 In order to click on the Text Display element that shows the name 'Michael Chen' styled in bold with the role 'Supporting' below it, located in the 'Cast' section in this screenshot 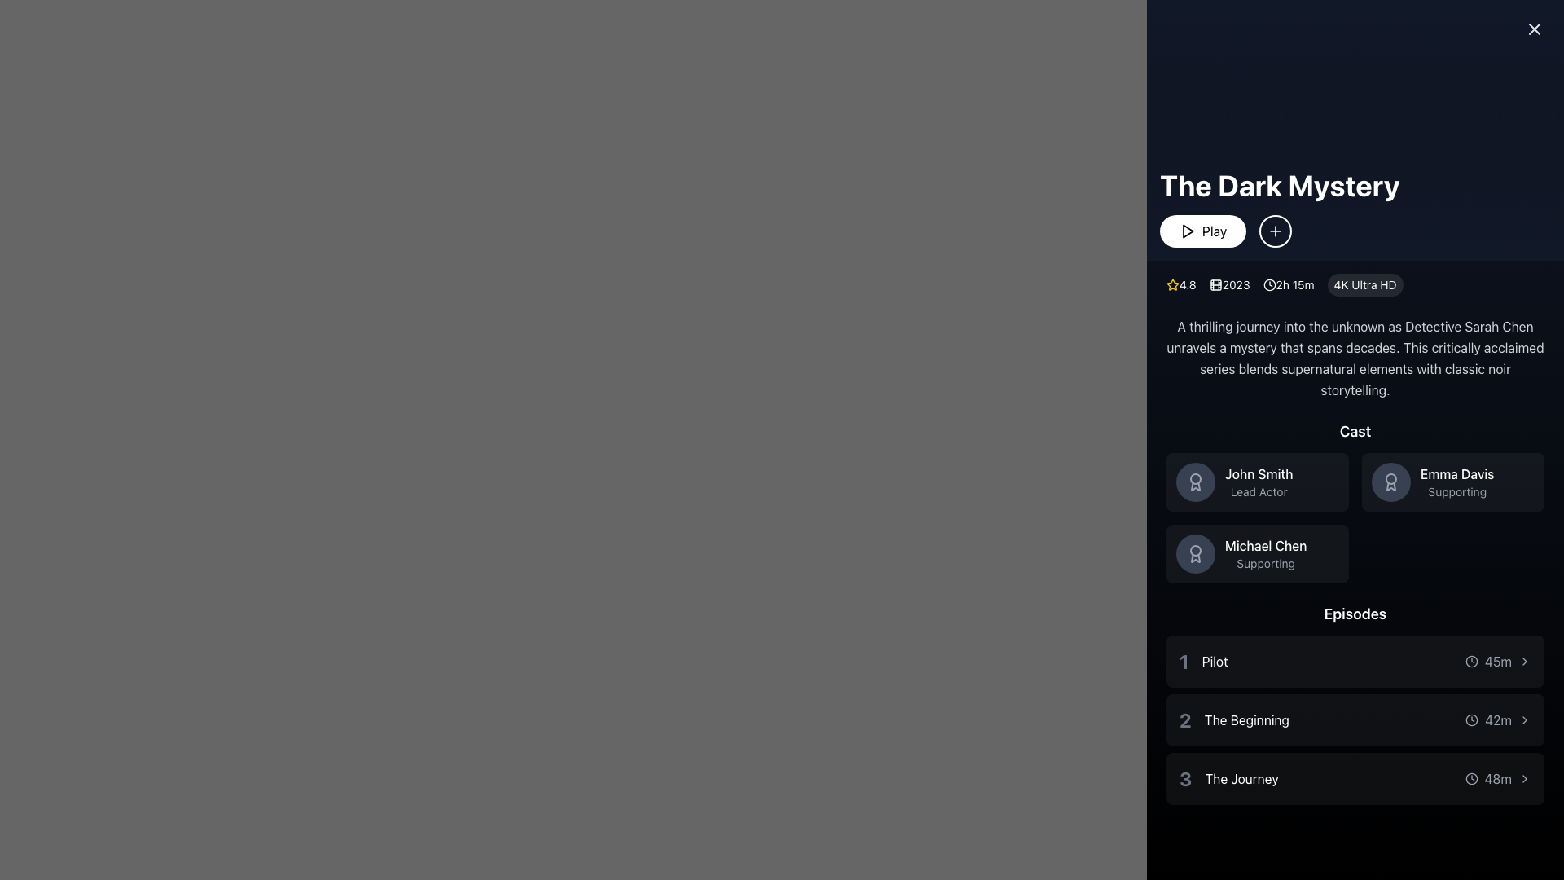, I will do `click(1265, 552)`.